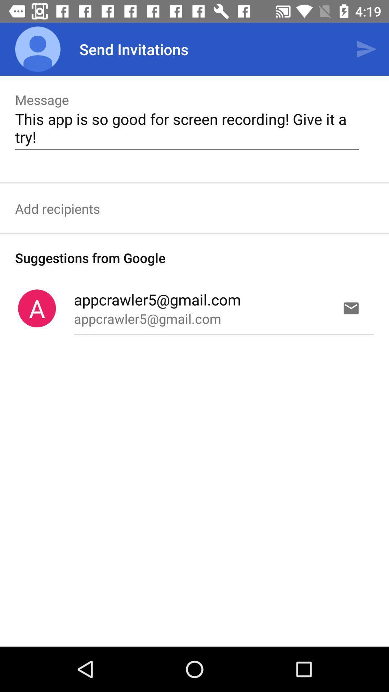 The width and height of the screenshot is (389, 692). What do you see at coordinates (187, 128) in the screenshot?
I see `this app is icon` at bounding box center [187, 128].